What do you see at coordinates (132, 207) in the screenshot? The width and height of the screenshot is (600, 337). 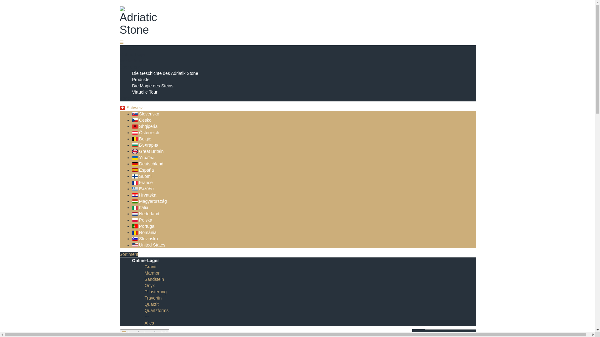 I see `' Italia'` at bounding box center [132, 207].